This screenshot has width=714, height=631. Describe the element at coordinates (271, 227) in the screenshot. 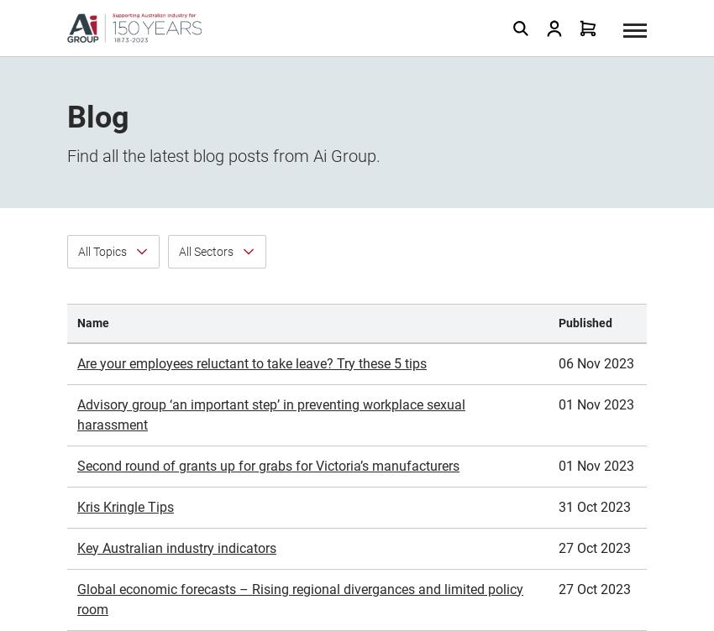

I see `'Advisory group ‘an important step’ in preventing workplace sexual harassment'` at that location.